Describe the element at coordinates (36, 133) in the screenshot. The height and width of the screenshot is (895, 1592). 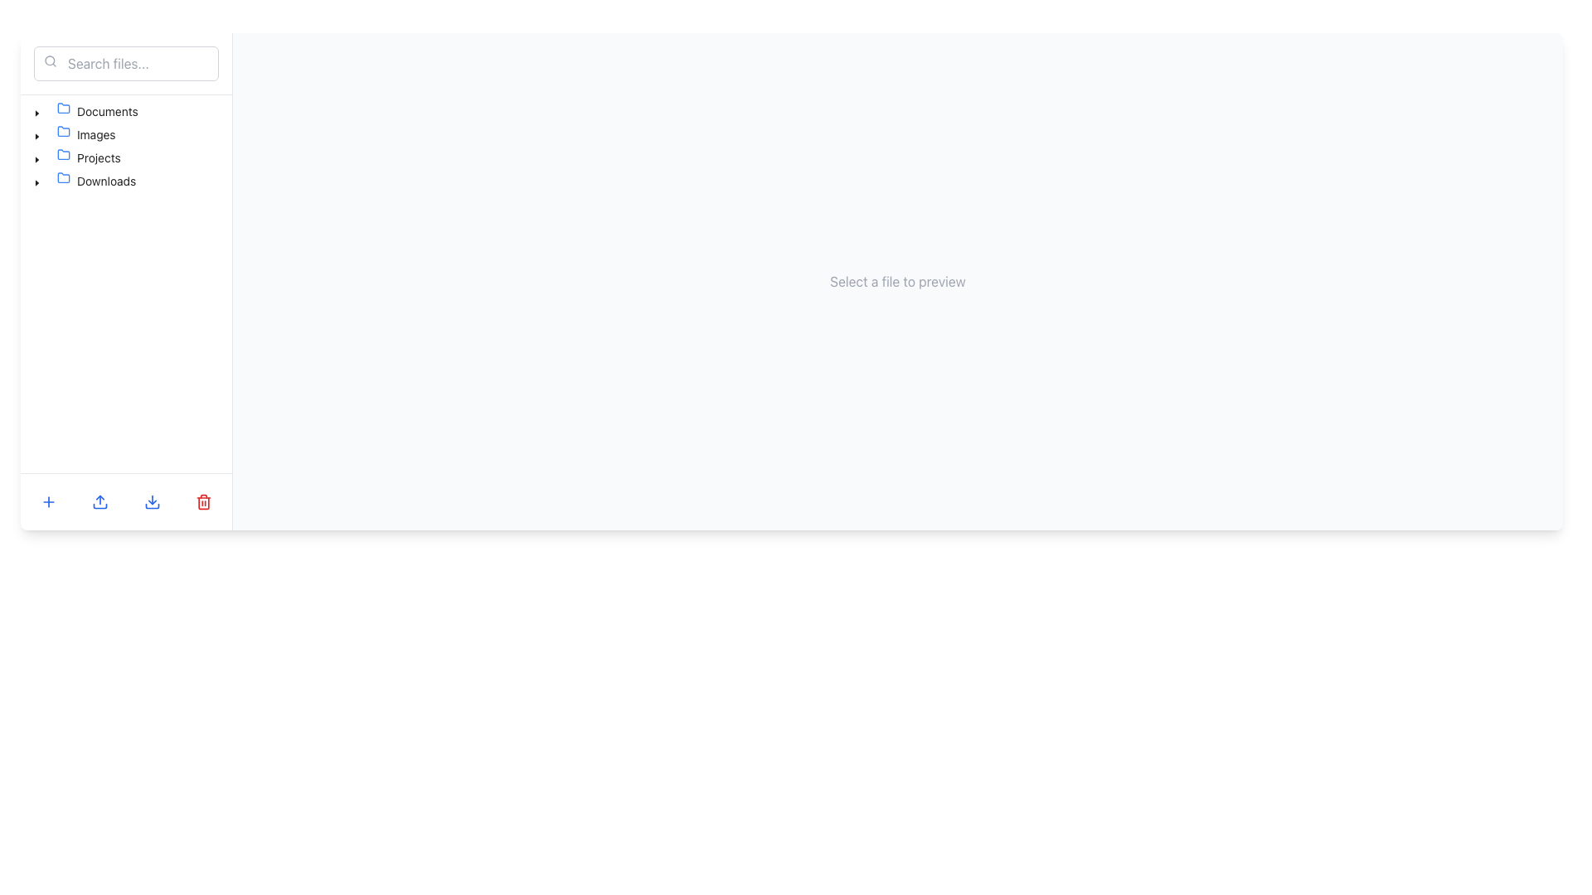
I see `the toggle control (expansion arrow) icon adjacent to the 'Images' text` at that location.